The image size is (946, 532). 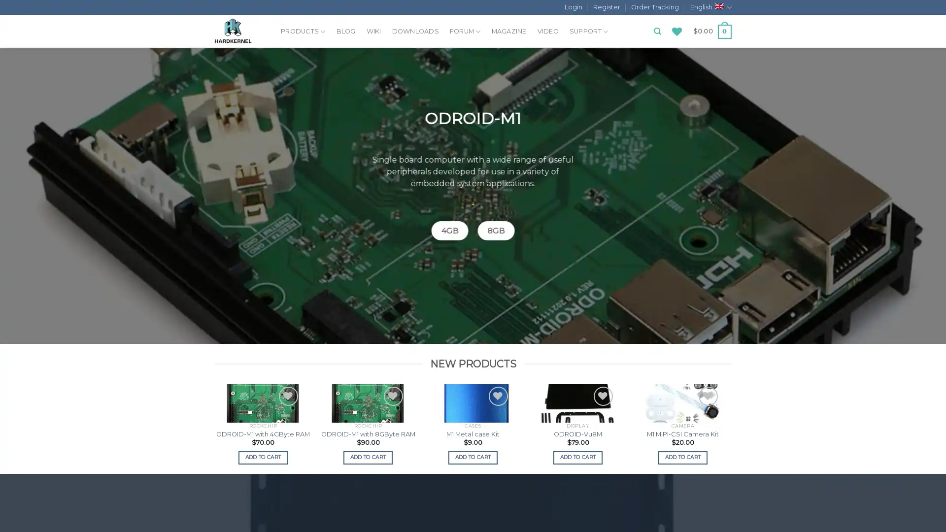 I want to click on Wishlist, so click(x=602, y=396).